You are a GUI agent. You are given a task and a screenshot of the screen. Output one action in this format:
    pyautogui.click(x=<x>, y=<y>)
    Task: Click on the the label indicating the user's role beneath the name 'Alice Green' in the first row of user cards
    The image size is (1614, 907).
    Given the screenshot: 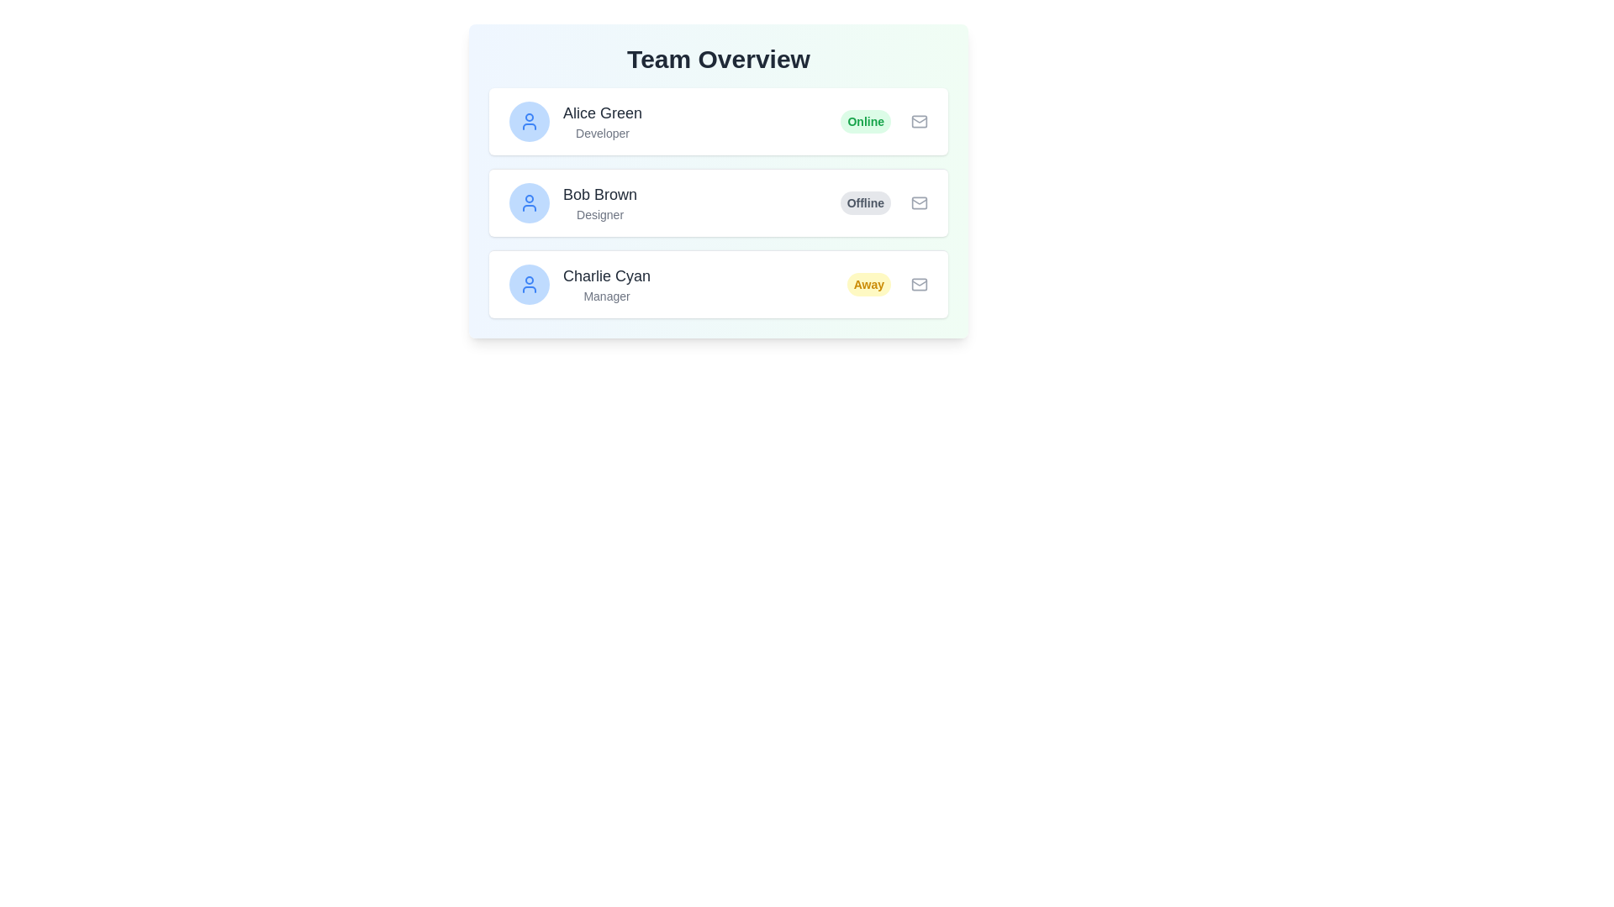 What is the action you would take?
    pyautogui.click(x=602, y=132)
    